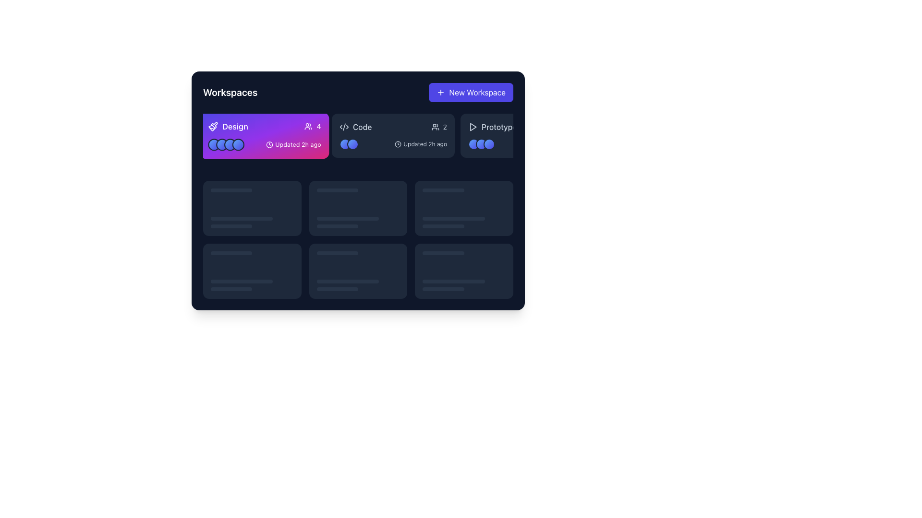 This screenshot has height=518, width=922. I want to click on the second Avatar-like UI component, which is one of three overlapping circles located inside the 'Prototype' workspace panel near the top-right of the interface, so click(482, 144).